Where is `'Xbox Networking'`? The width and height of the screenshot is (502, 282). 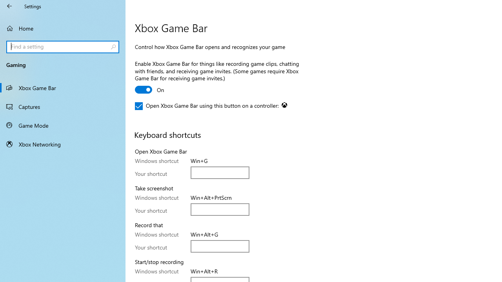 'Xbox Networking' is located at coordinates (63, 144).